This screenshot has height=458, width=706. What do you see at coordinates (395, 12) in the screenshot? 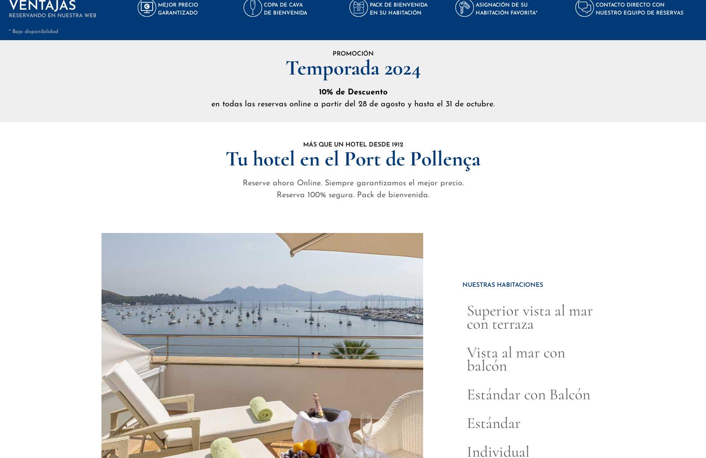
I see `'EN SU HABITACIÓN'` at bounding box center [395, 12].